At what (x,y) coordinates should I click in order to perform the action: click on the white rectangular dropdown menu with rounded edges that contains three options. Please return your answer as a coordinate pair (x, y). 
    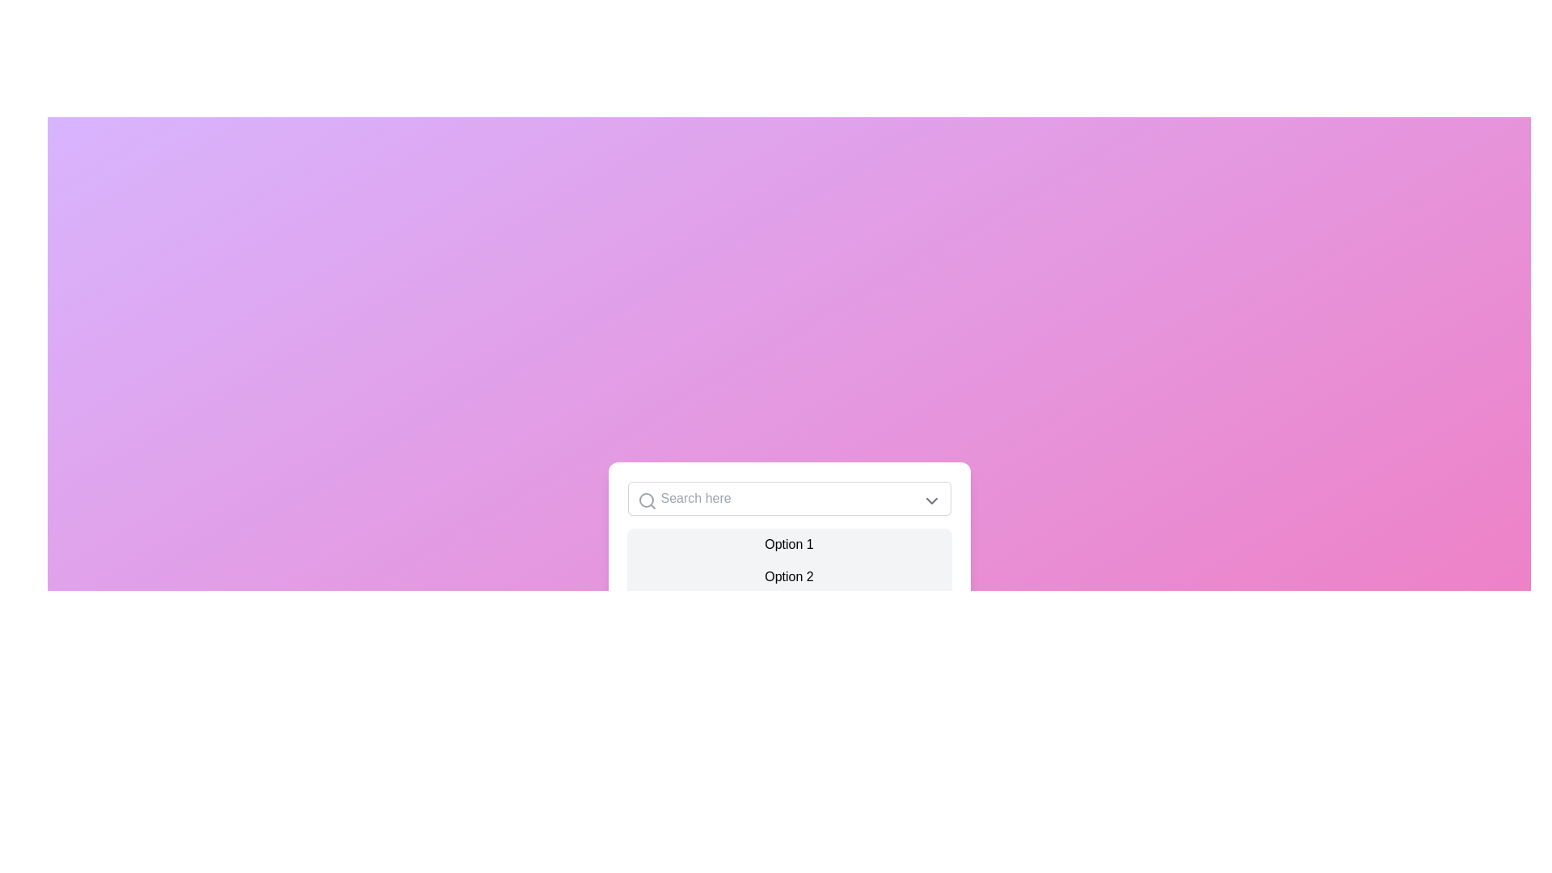
    Looking at the image, I should click on (789, 553).